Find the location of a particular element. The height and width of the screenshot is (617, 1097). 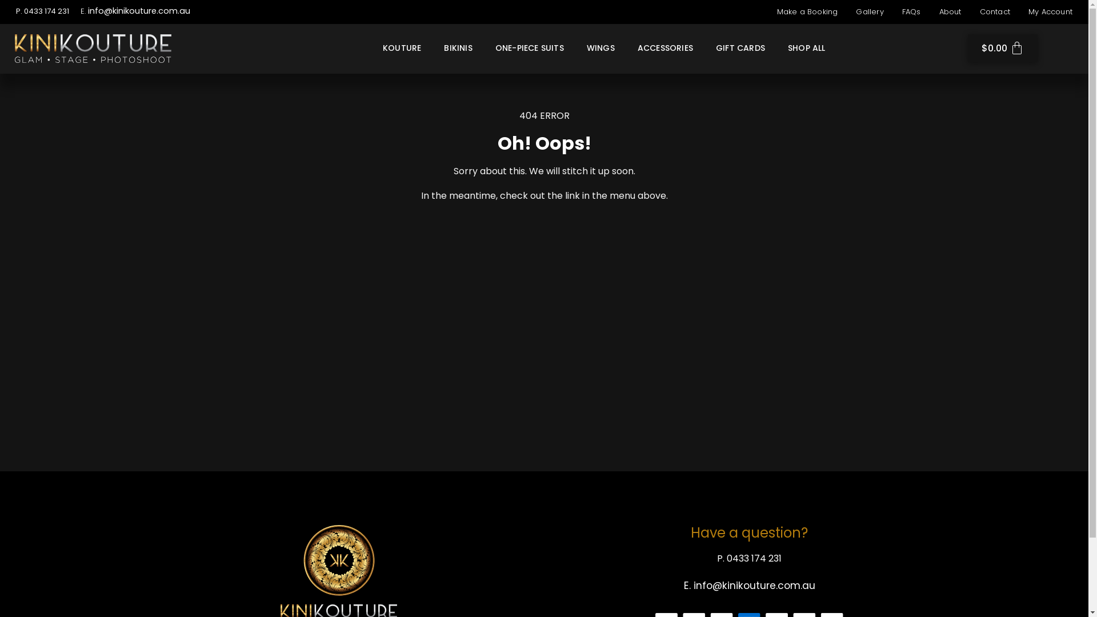

'My Account' is located at coordinates (1050, 11).